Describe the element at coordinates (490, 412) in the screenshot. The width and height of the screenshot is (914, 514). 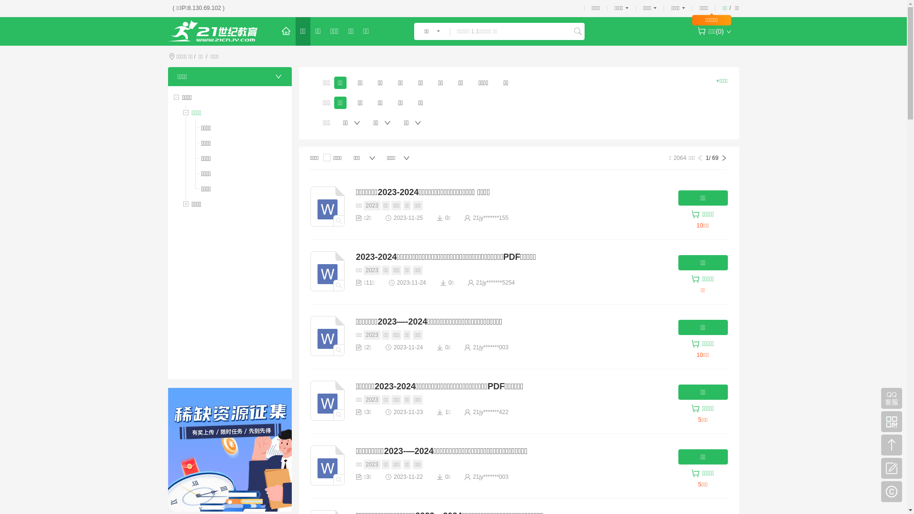
I see `'21jy*******422'` at that location.